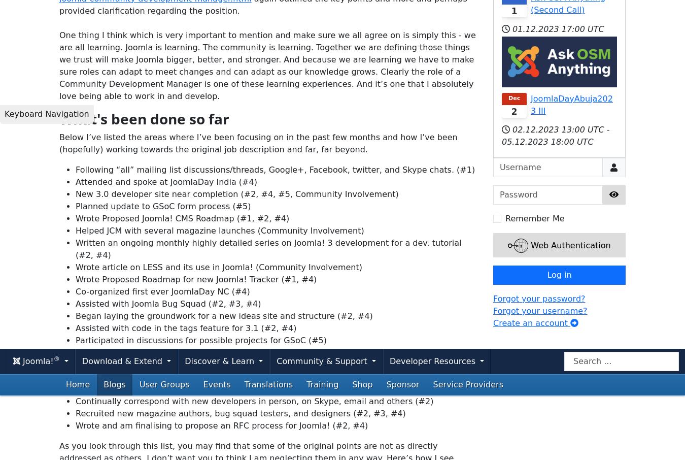 The image size is (685, 460). I want to click on 'Next', so click(460, 378).